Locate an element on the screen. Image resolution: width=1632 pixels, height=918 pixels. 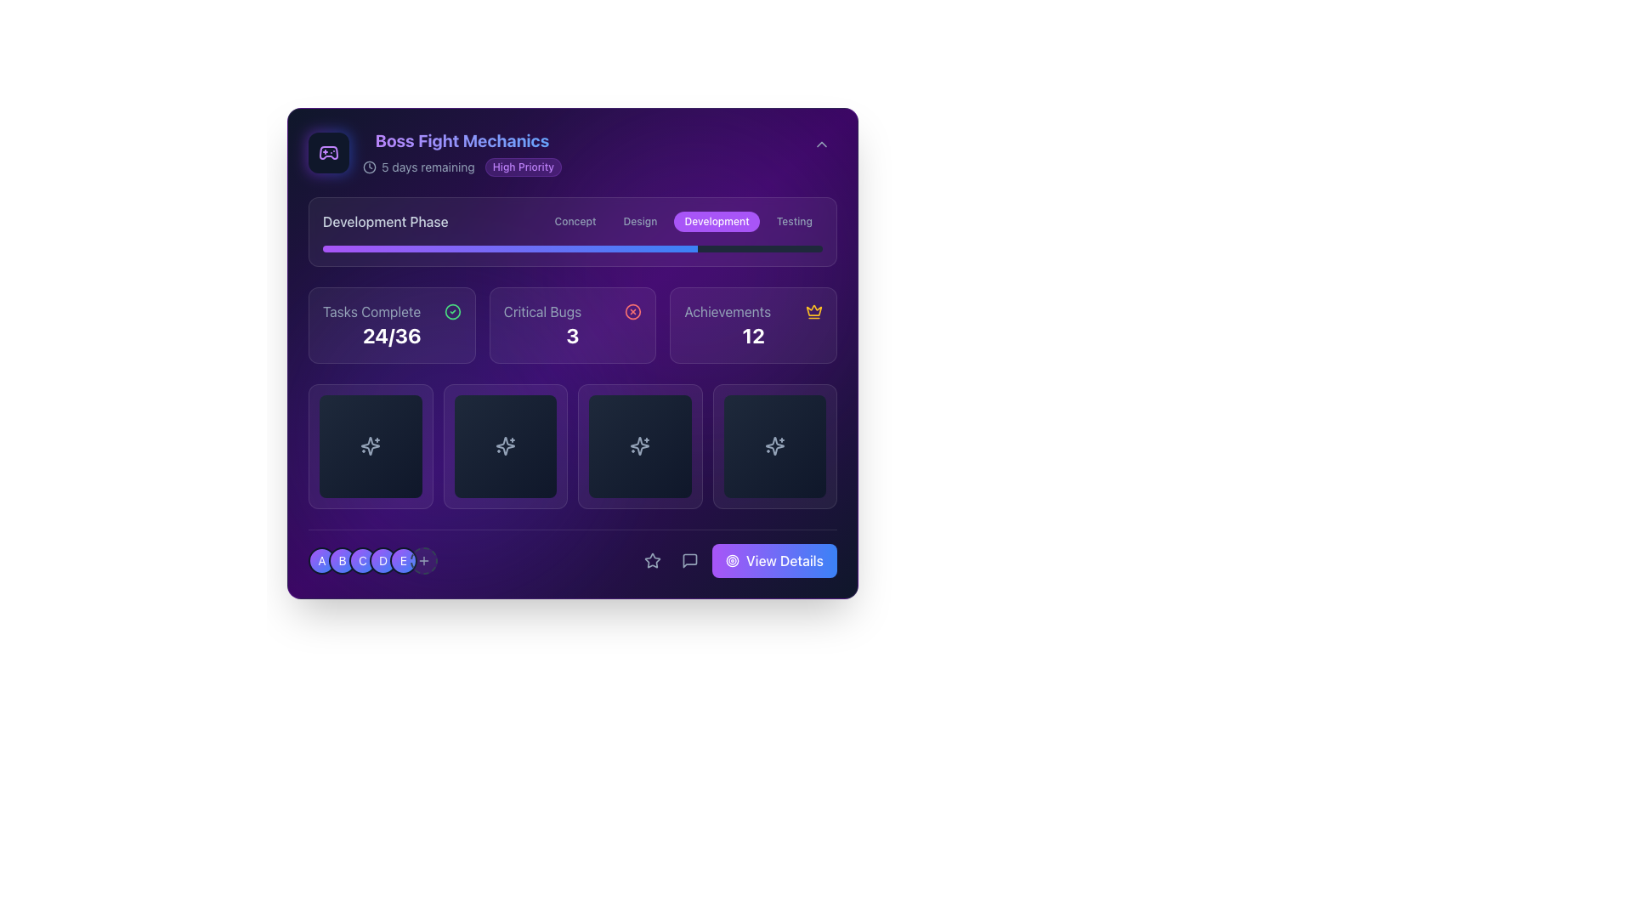
the Progress bar that visually indicates the progress of the 'Development Phase', located below the buttons labeled 'Concept', 'Design', 'Development', and 'Testing' is located at coordinates (572, 249).